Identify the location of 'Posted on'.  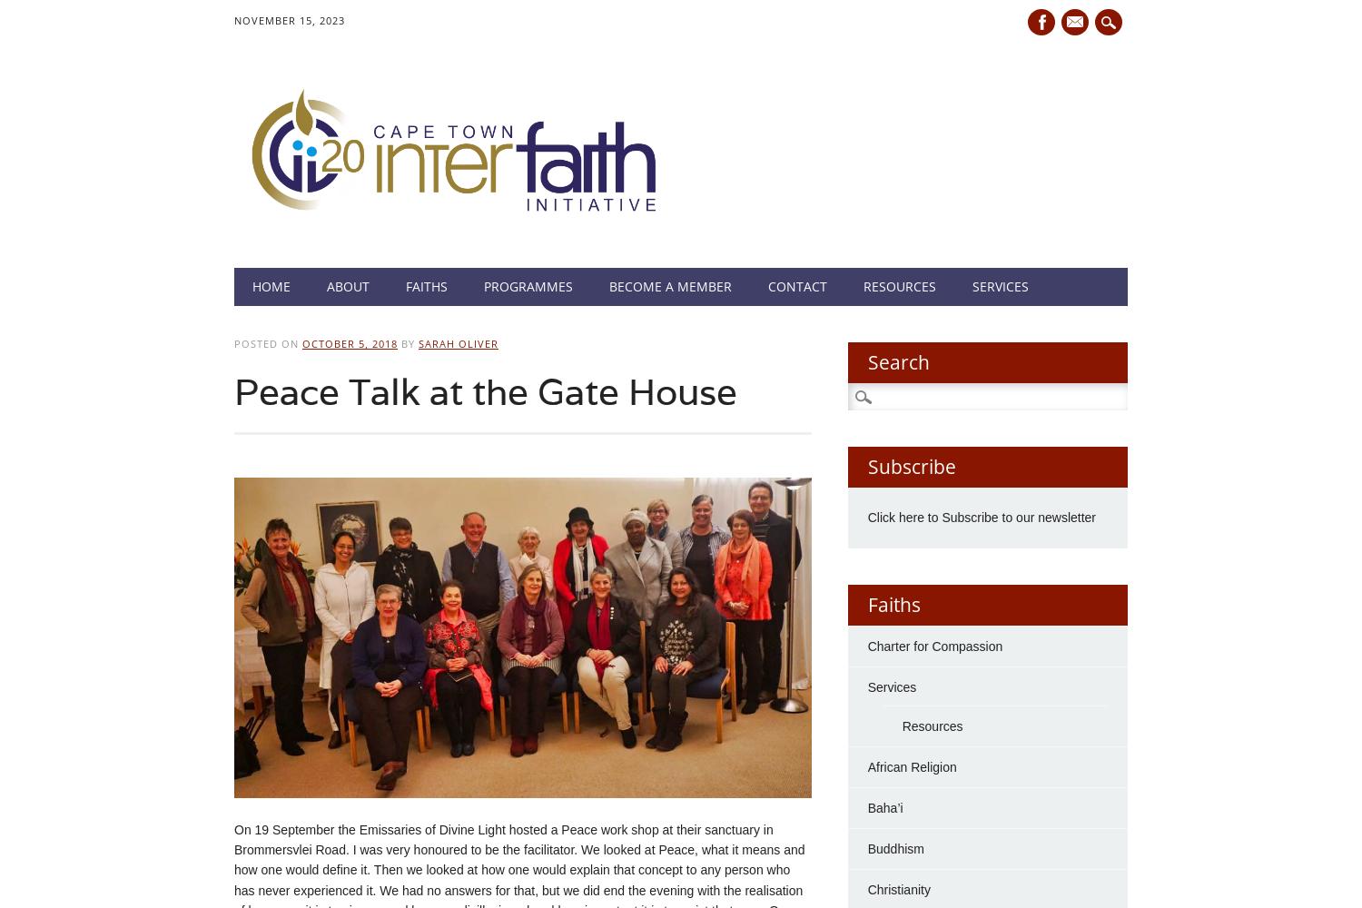
(268, 343).